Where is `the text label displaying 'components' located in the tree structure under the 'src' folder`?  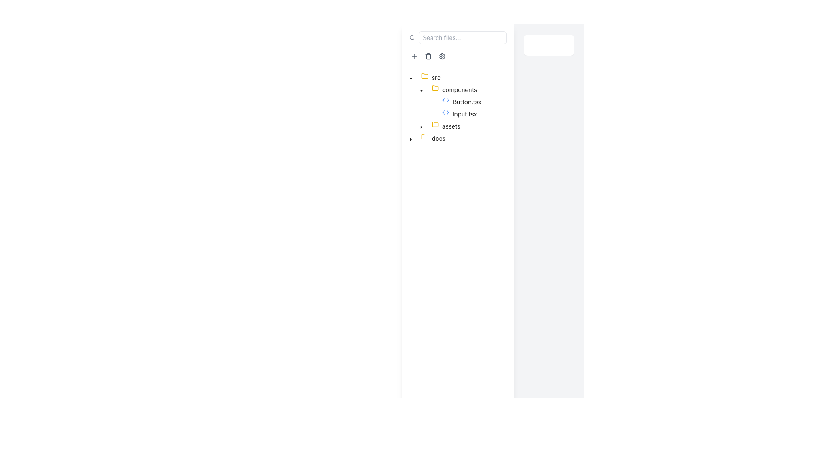 the text label displaying 'components' located in the tree structure under the 'src' folder is located at coordinates (459, 89).